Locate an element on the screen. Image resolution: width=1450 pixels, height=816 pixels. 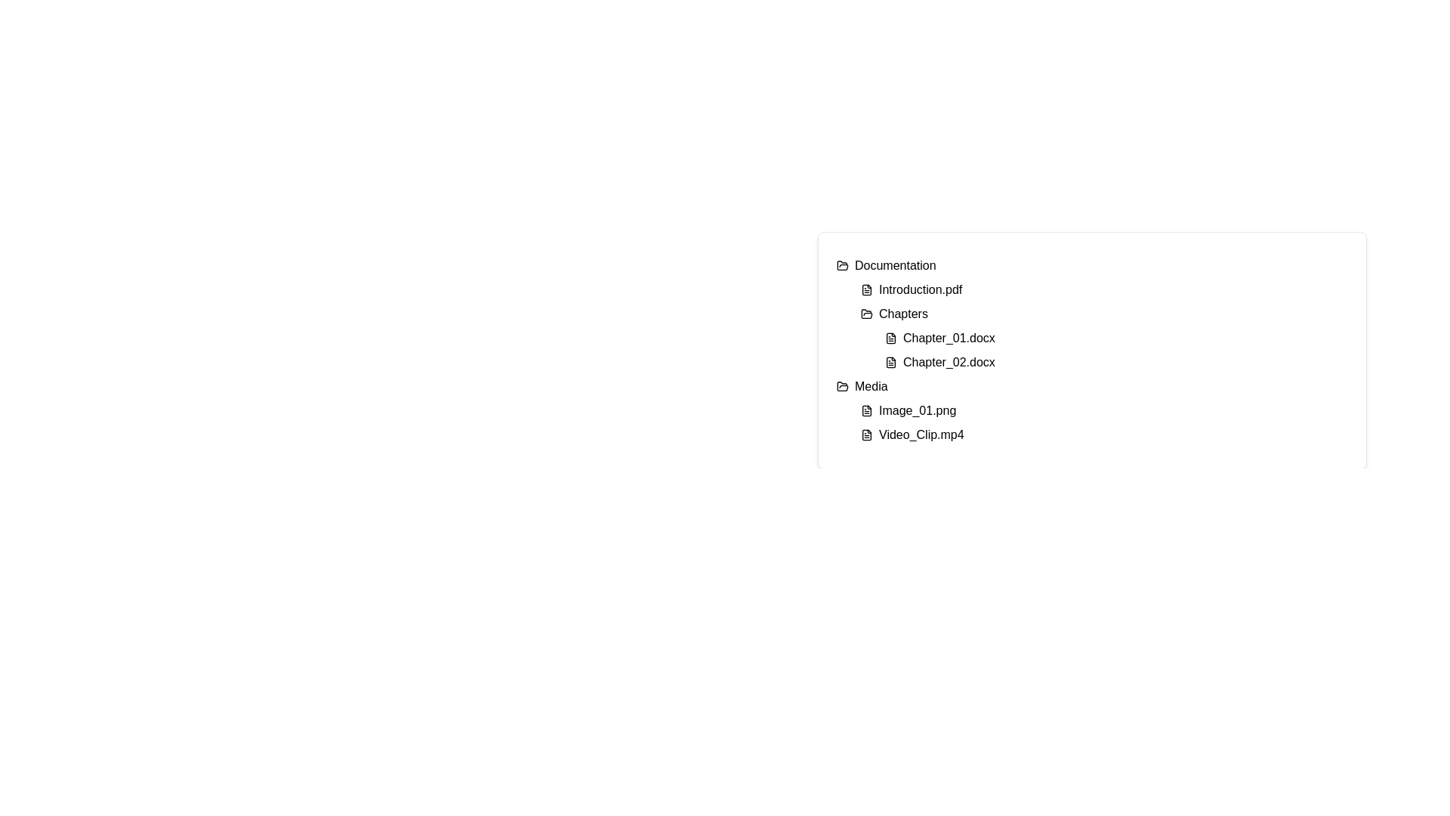
the video file type icon representing 'Video_Clip.mp4' is located at coordinates (866, 434).